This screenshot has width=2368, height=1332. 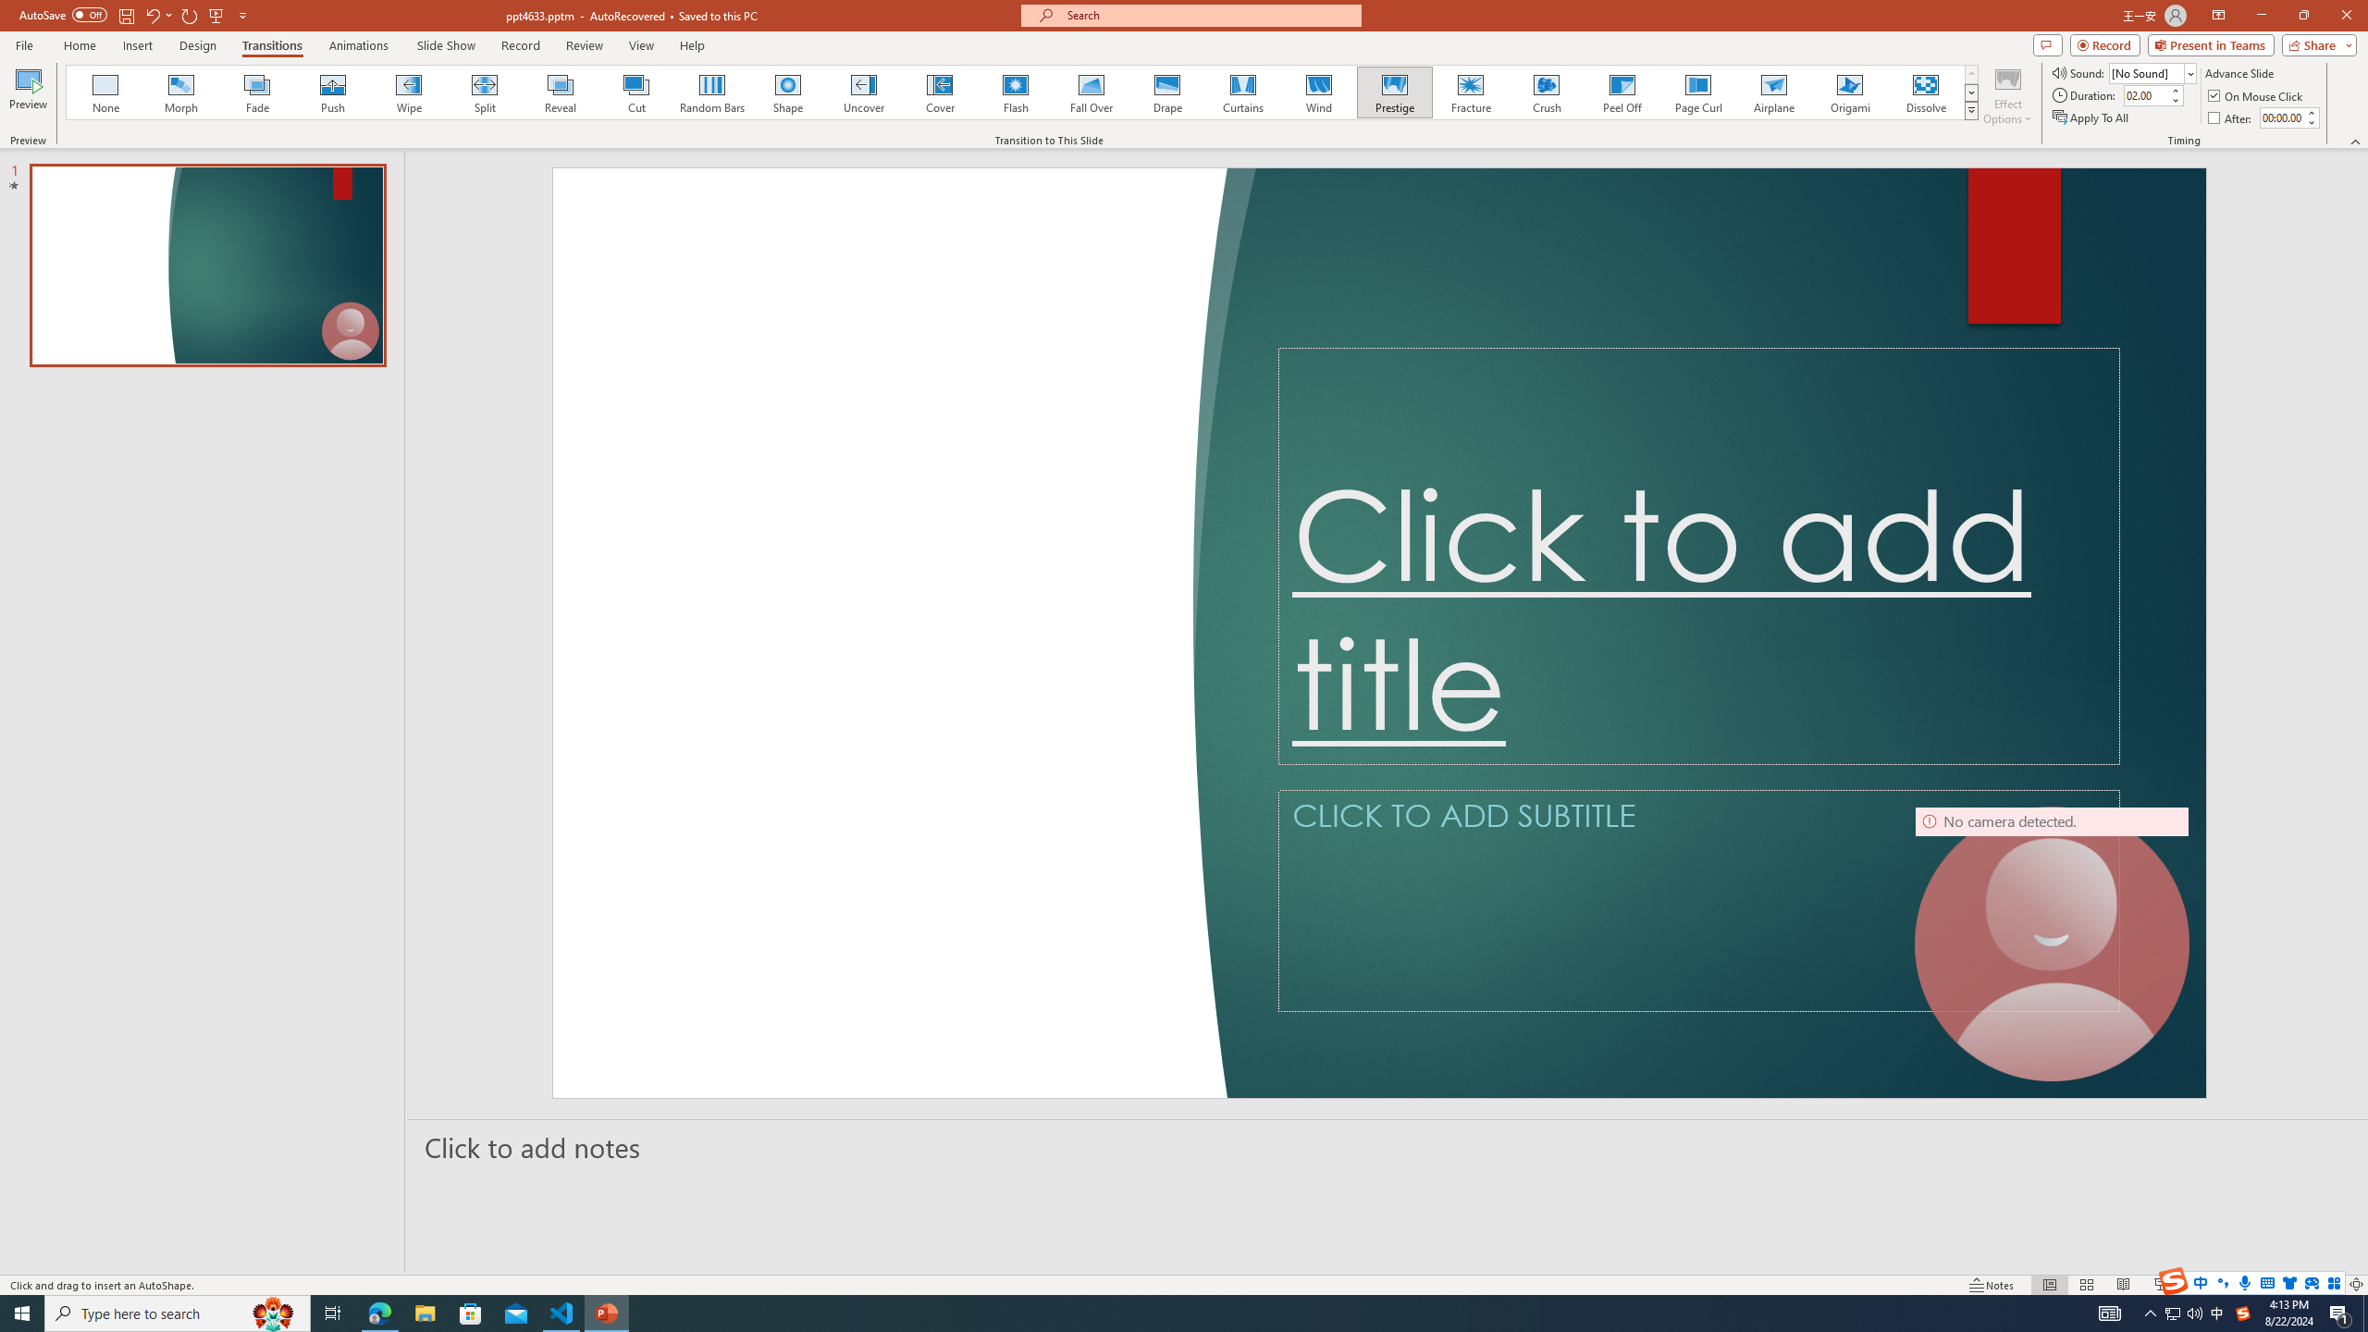 What do you see at coordinates (2311, 121) in the screenshot?
I see `'Less'` at bounding box center [2311, 121].